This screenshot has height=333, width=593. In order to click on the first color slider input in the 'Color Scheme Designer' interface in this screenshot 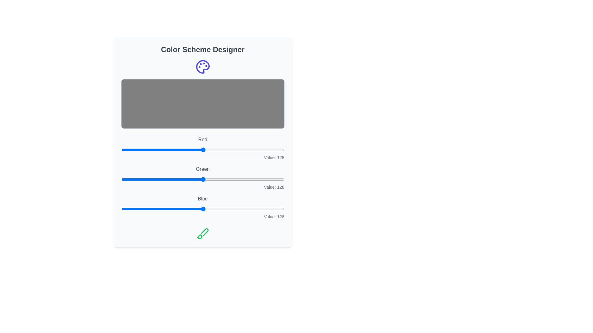, I will do `click(203, 148)`.